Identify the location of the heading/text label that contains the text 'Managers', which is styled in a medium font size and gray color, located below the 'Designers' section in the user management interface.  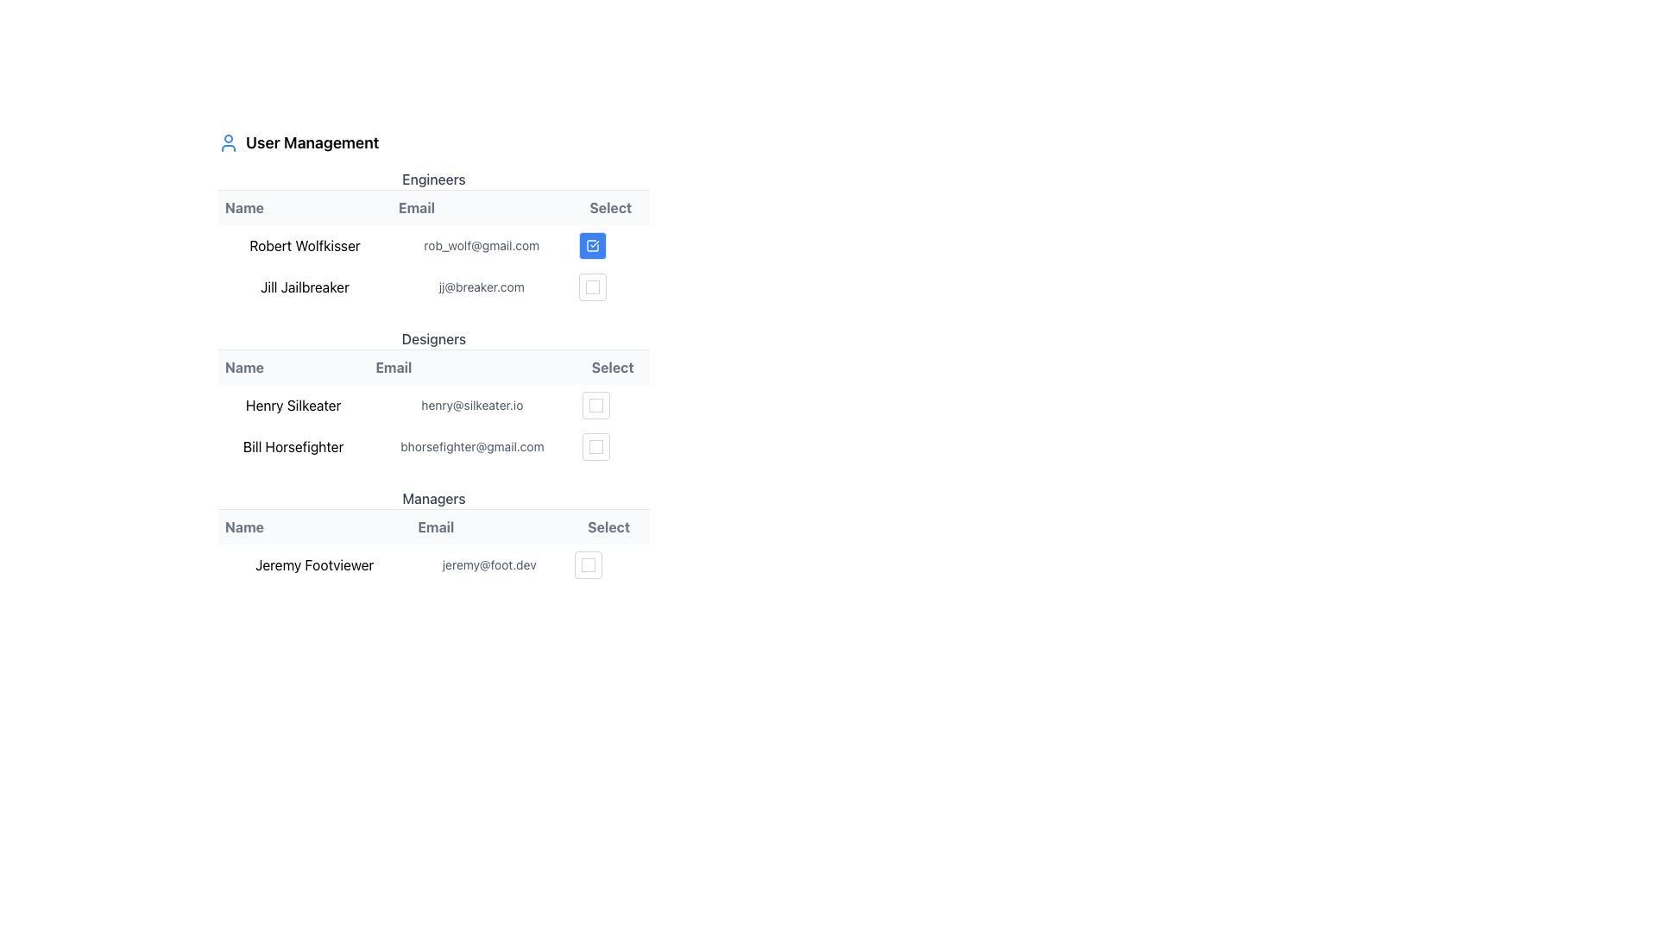
(434, 499).